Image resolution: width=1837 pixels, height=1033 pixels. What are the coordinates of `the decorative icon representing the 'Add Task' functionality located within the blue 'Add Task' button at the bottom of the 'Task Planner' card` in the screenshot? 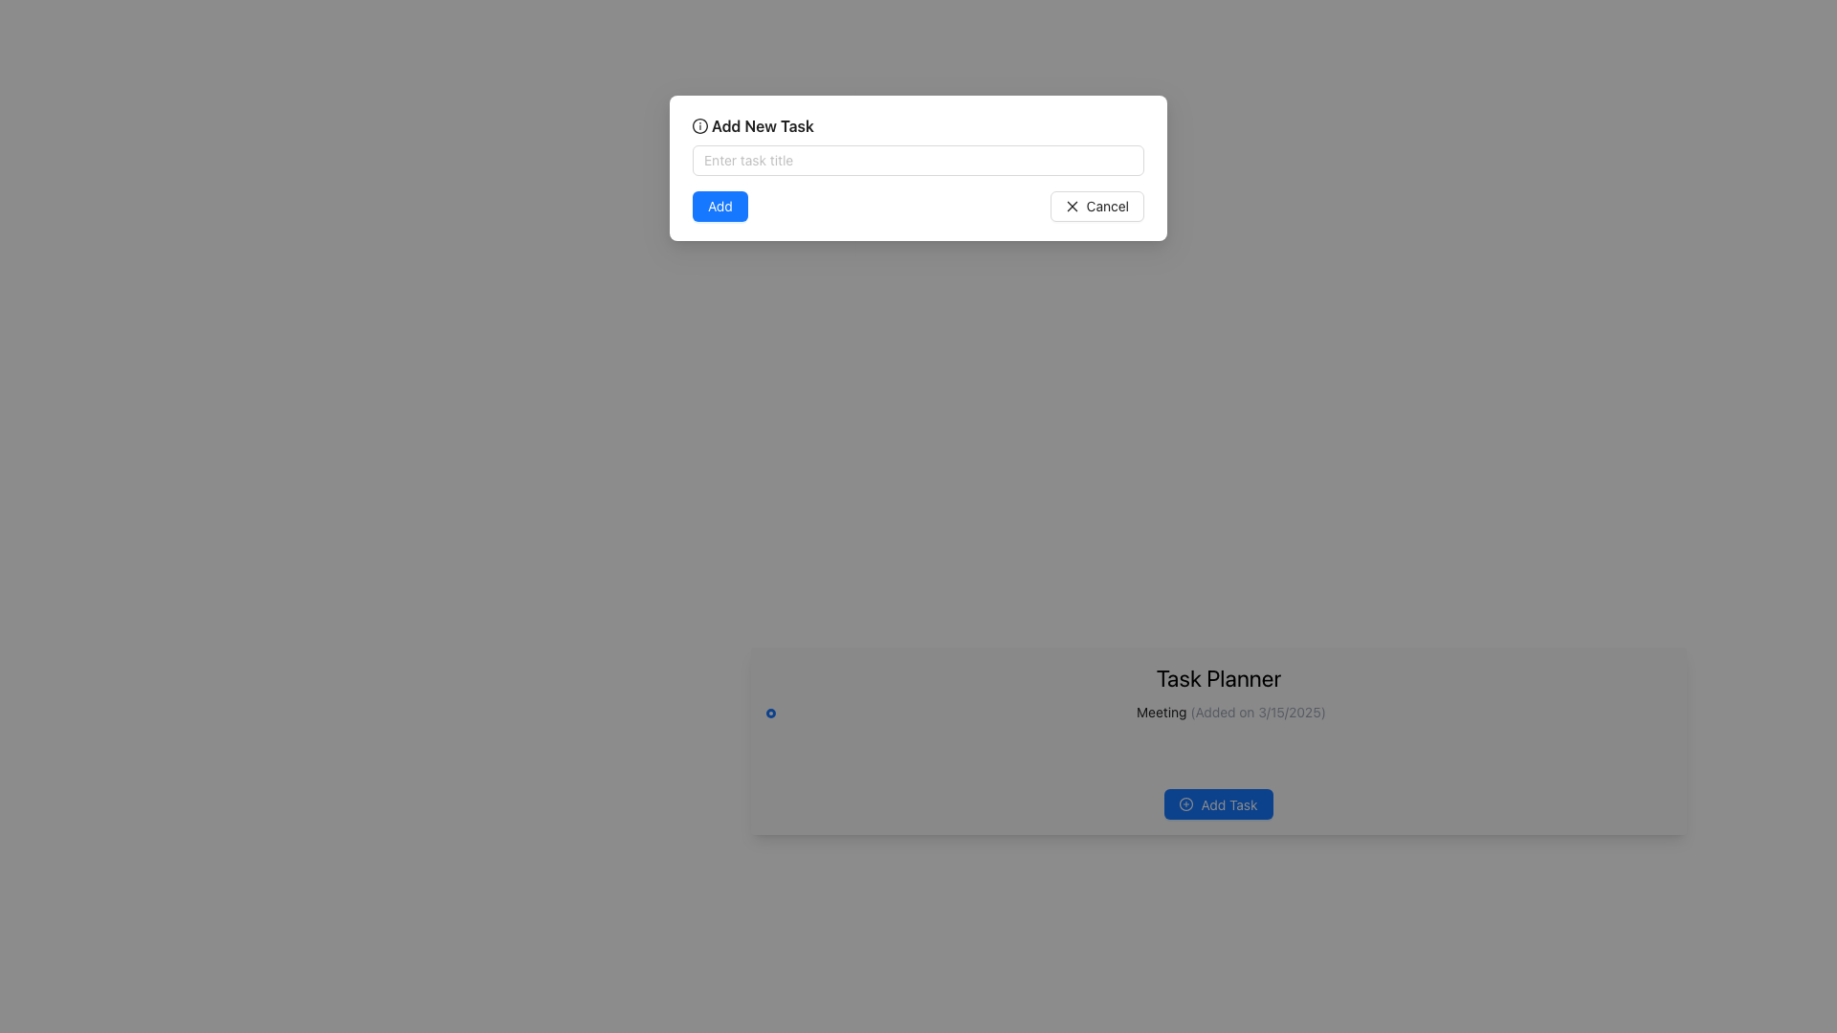 It's located at (1185, 804).